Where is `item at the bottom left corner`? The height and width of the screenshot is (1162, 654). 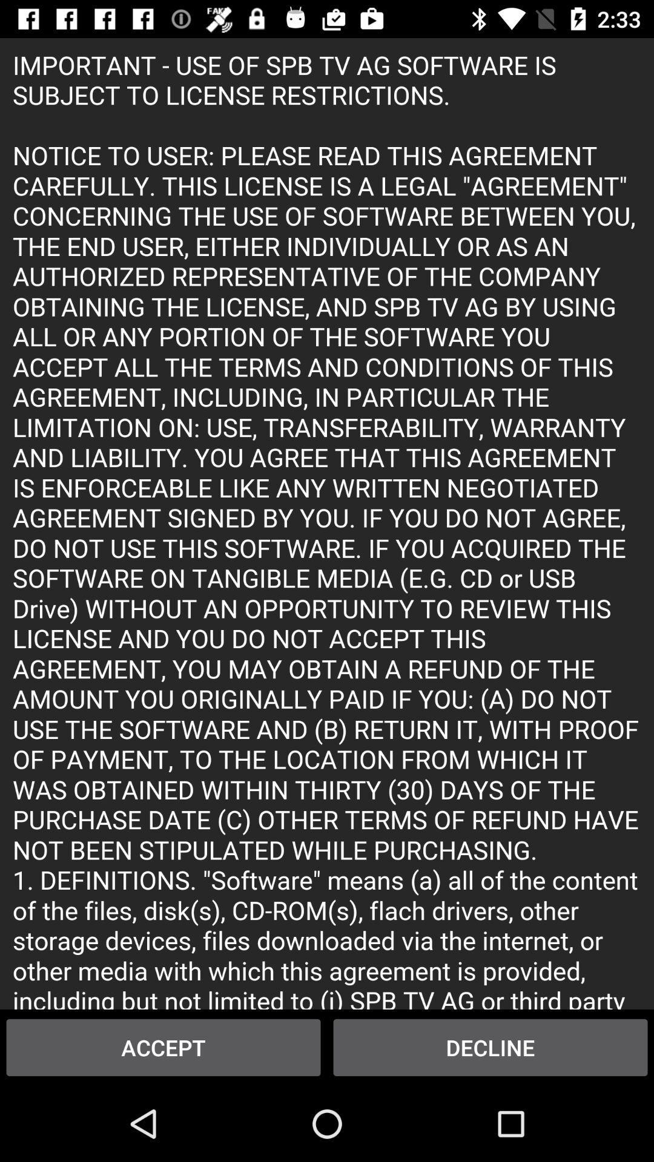
item at the bottom left corner is located at coordinates (163, 1047).